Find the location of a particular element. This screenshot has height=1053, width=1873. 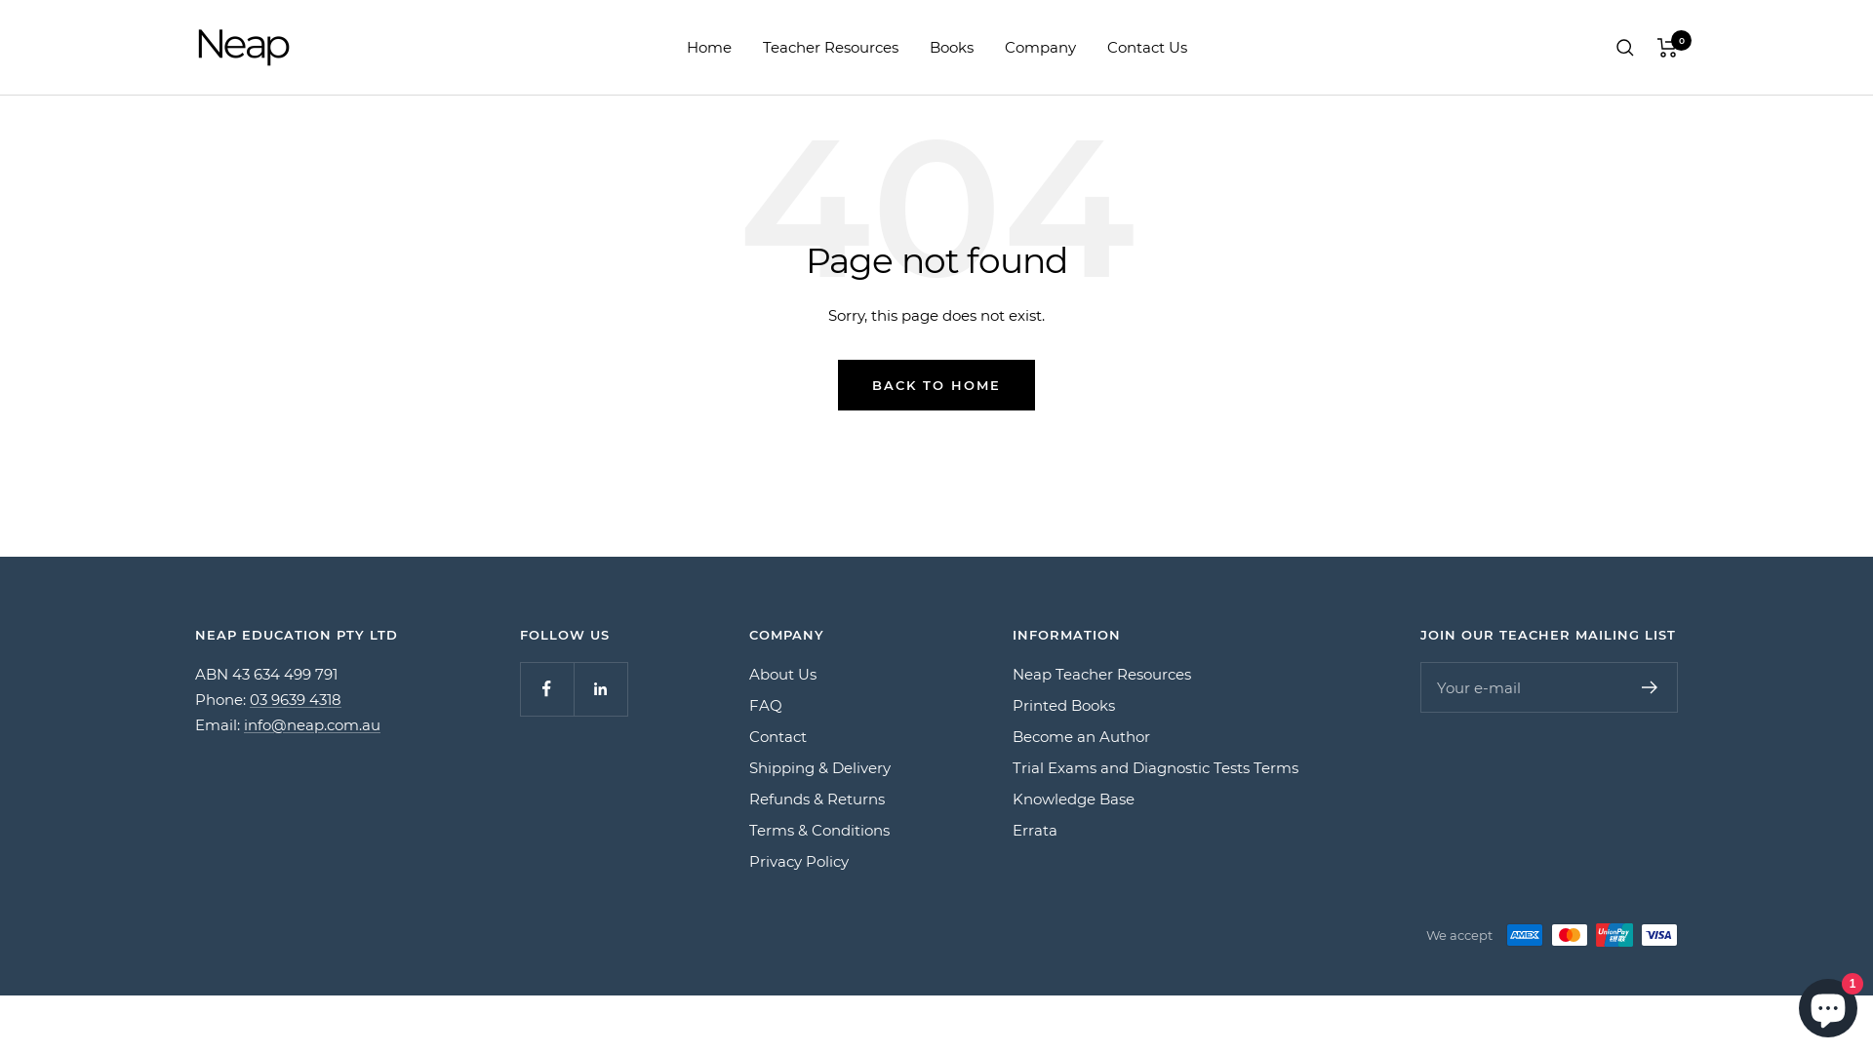

'Shopify online store chat' is located at coordinates (1826, 1003).